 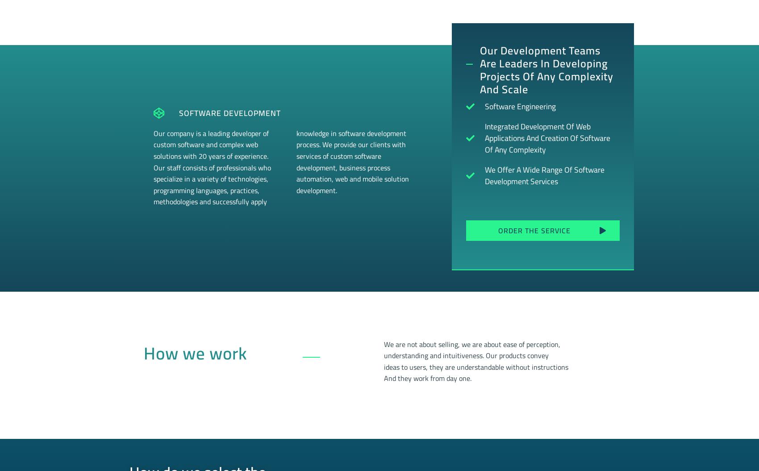 I want to click on 'We offer a wide range of software development services', so click(x=544, y=174).